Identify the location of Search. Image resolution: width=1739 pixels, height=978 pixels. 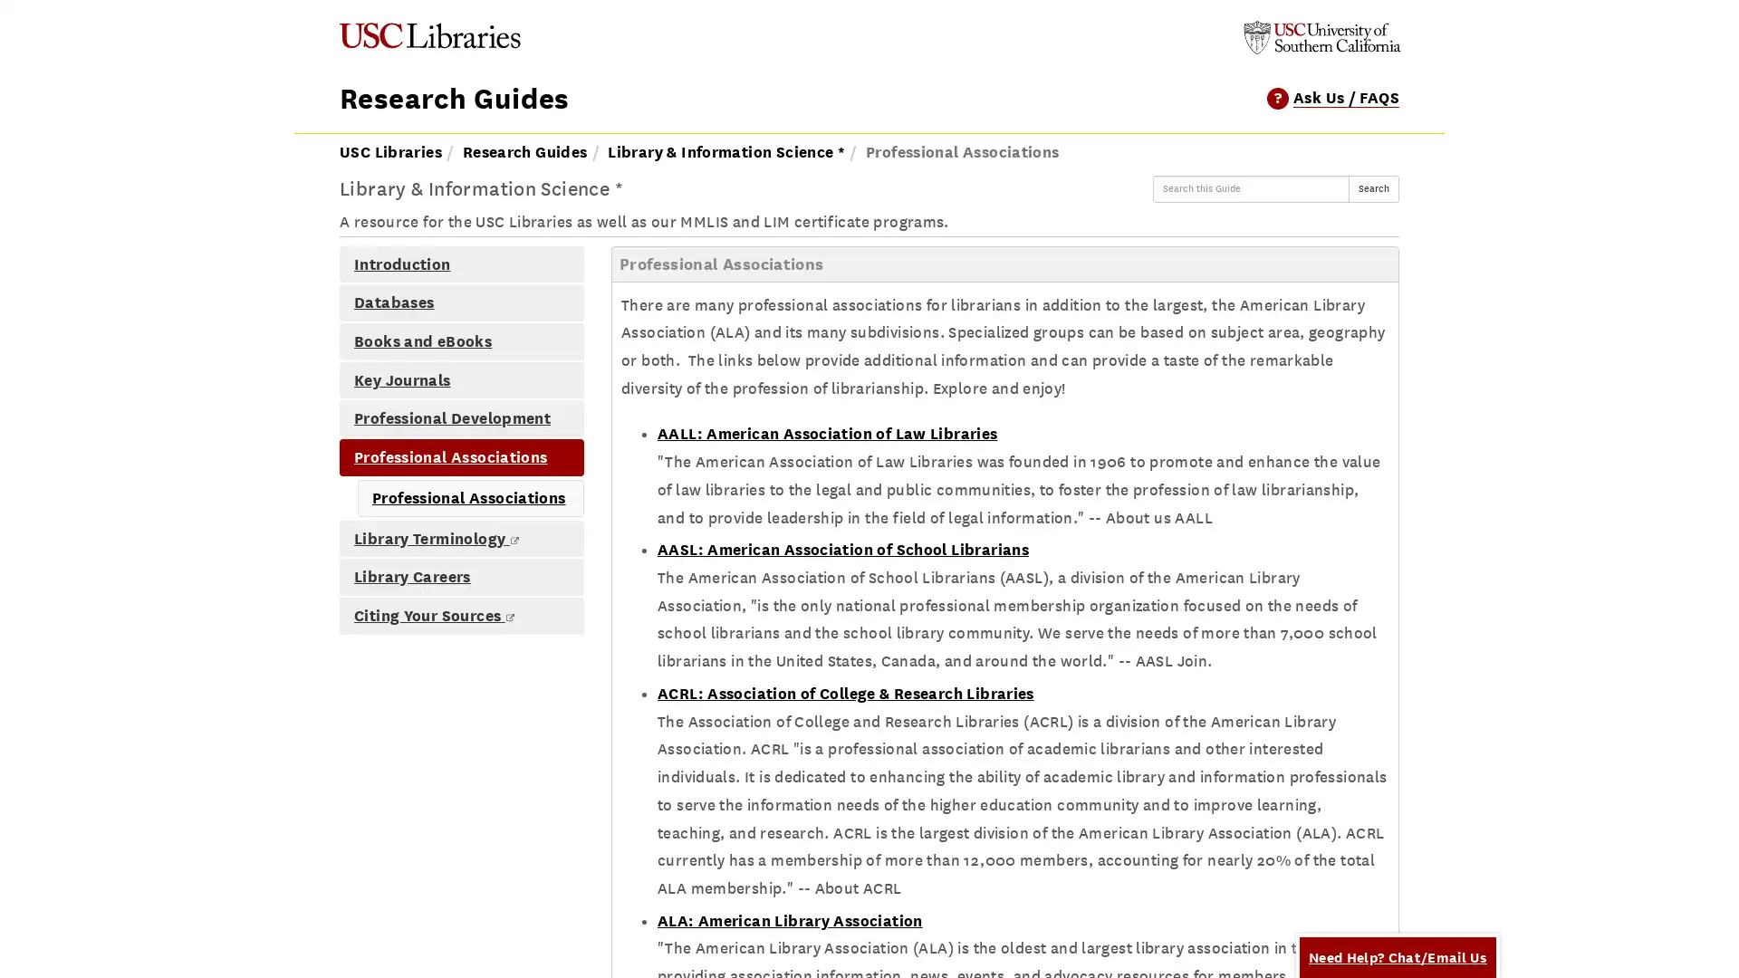
(1373, 188).